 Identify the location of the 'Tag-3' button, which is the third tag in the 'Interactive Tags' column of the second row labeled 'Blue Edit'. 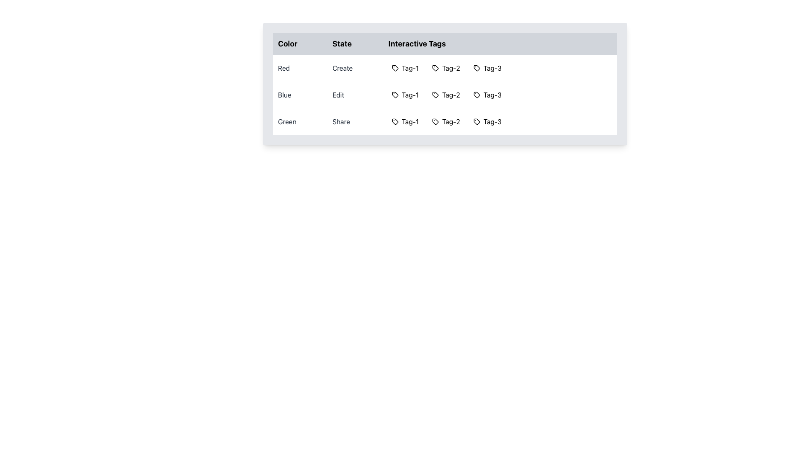
(500, 95).